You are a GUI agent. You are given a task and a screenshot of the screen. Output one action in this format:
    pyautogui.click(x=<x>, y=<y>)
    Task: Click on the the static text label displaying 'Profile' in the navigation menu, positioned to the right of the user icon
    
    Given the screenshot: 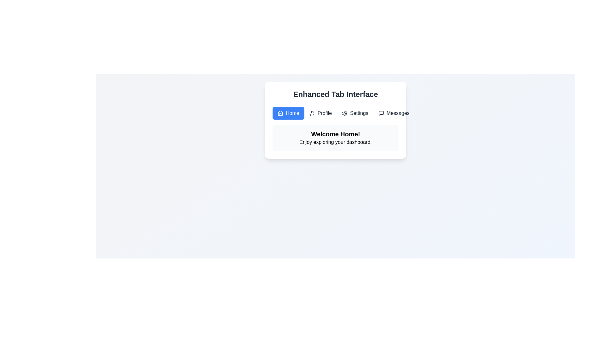 What is the action you would take?
    pyautogui.click(x=325, y=113)
    